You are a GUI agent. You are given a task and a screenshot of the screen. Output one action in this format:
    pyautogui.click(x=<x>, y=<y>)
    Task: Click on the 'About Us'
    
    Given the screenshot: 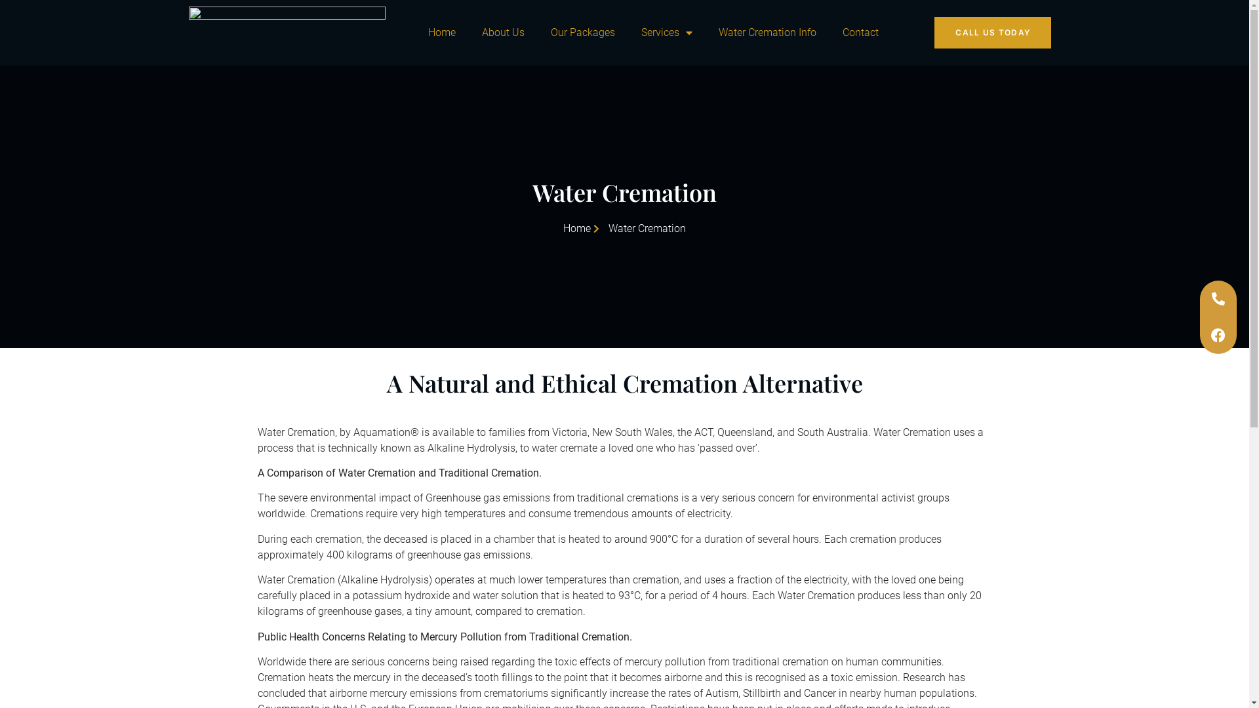 What is the action you would take?
    pyautogui.click(x=469, y=32)
    